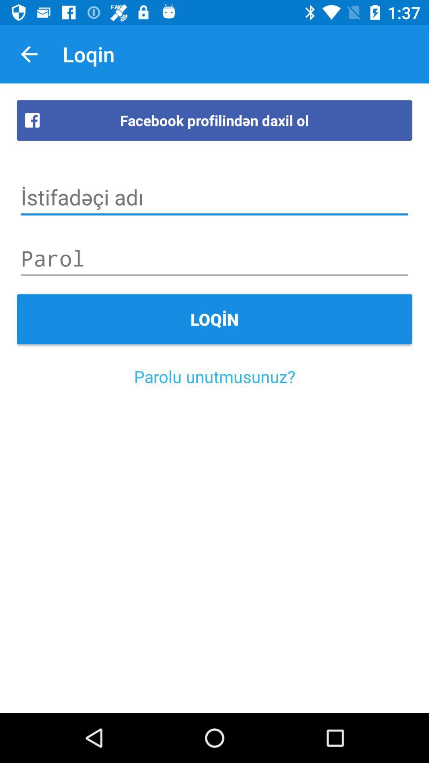 This screenshot has height=763, width=429. Describe the element at coordinates (214, 258) in the screenshot. I see `password` at that location.